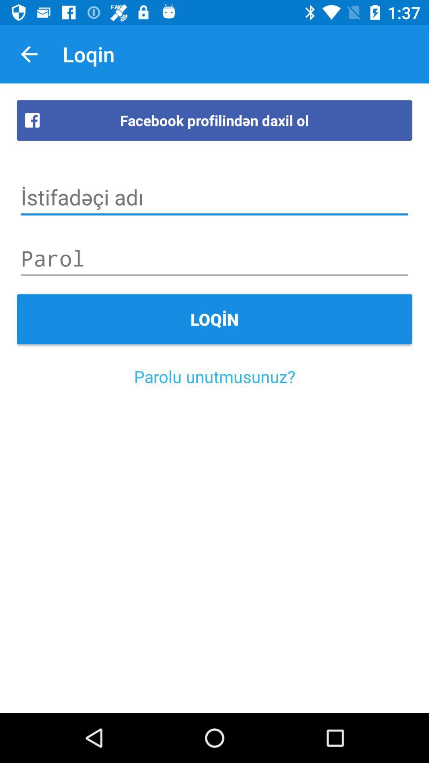 This screenshot has height=763, width=429. Describe the element at coordinates (214, 258) in the screenshot. I see `password` at that location.